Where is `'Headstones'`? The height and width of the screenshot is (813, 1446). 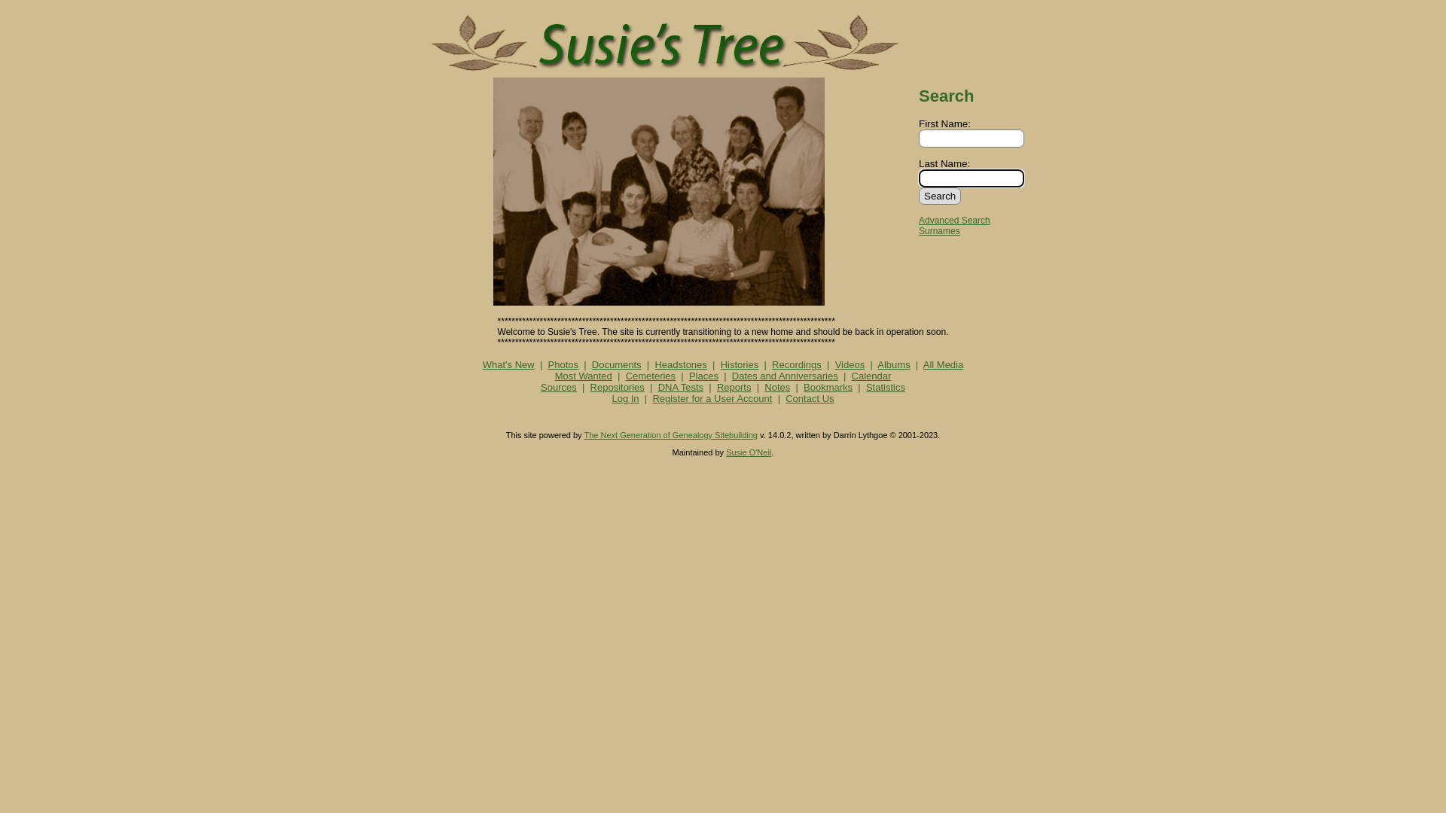 'Headstones' is located at coordinates (679, 364).